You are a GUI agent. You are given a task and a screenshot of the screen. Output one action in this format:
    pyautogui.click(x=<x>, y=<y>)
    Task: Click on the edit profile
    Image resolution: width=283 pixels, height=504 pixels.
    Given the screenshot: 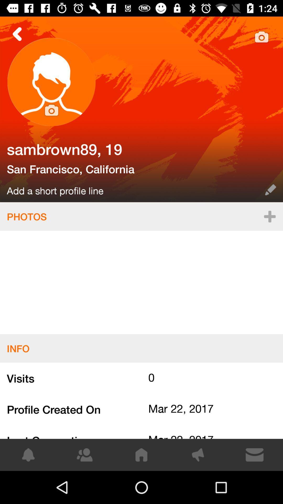 What is the action you would take?
    pyautogui.click(x=141, y=109)
    